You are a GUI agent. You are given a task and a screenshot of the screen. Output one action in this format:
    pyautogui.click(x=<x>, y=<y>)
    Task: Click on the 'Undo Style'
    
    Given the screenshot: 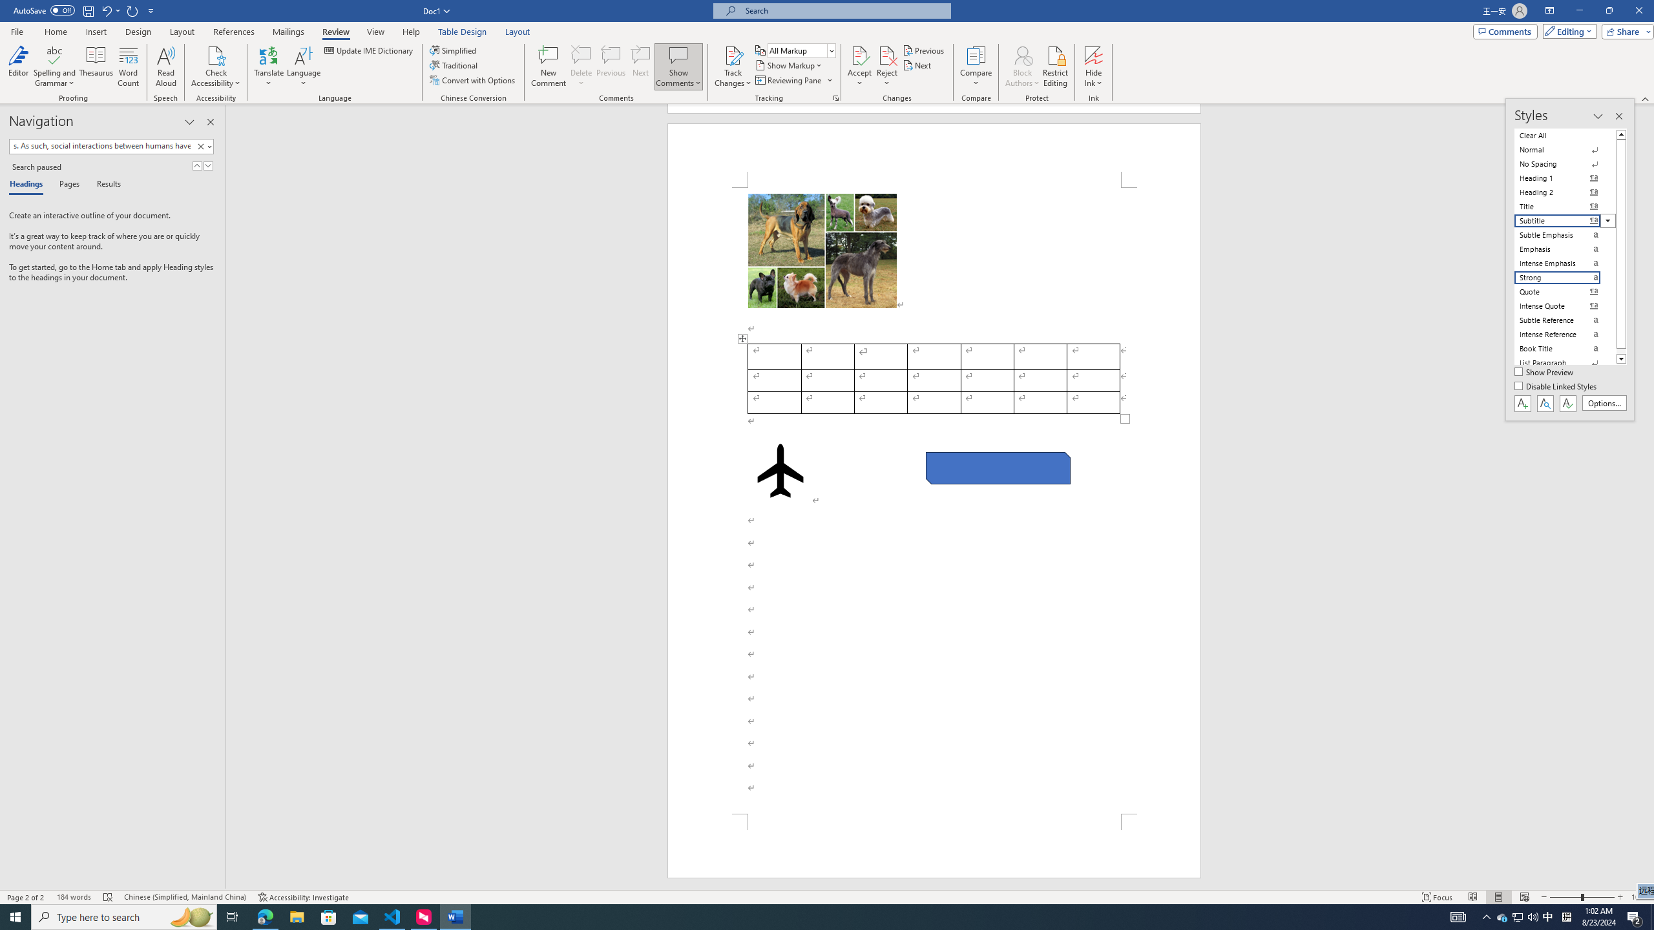 What is the action you would take?
    pyautogui.click(x=110, y=10)
    